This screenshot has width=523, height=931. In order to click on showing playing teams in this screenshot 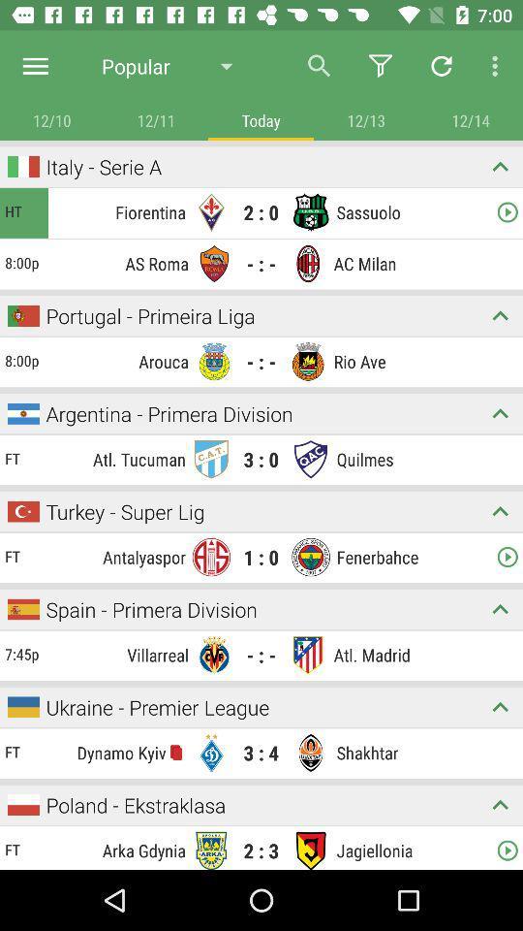, I will do `click(500, 510)`.